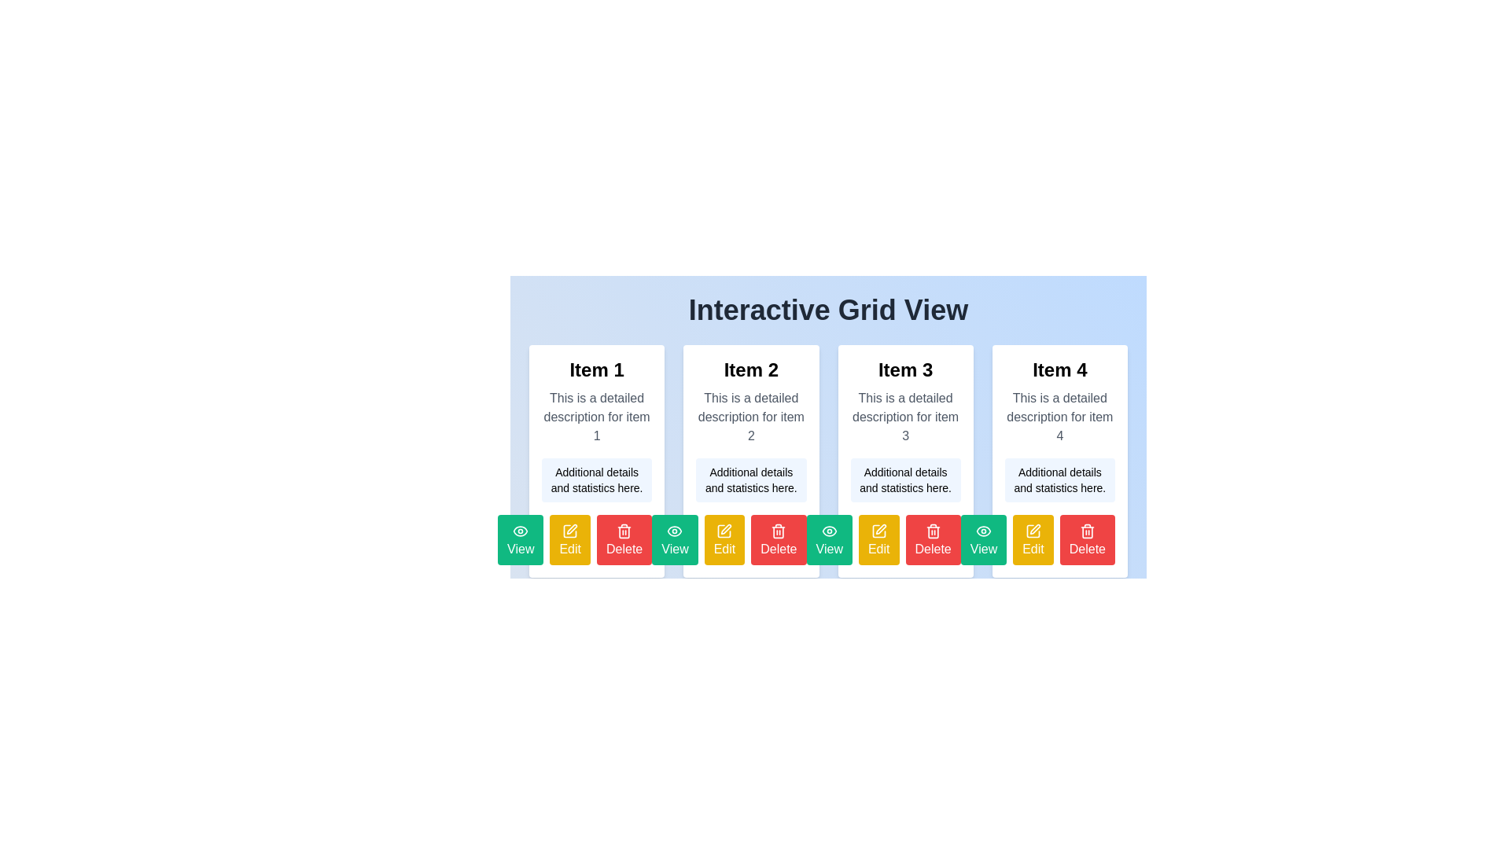  I want to click on the delete button, which is the third button from the left in the action bar at the bottom of the 'Item 4' card, so click(1059, 538).